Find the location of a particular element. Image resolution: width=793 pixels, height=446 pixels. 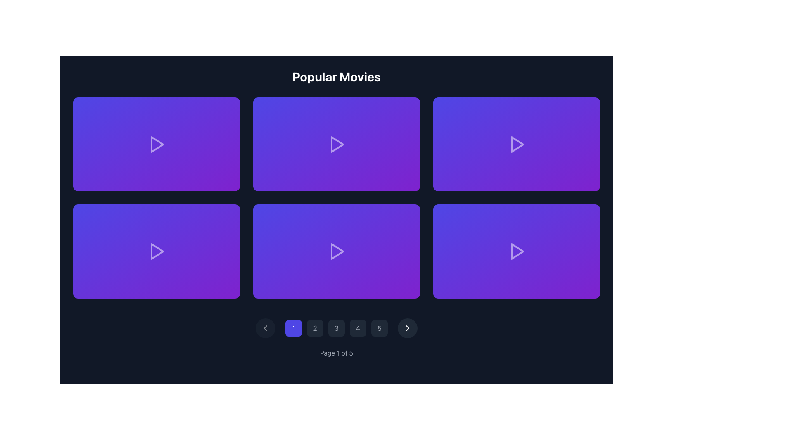

the Play Button located in the third column of the second row of the grid below the 'Popular Movies' header is located at coordinates (516, 251).